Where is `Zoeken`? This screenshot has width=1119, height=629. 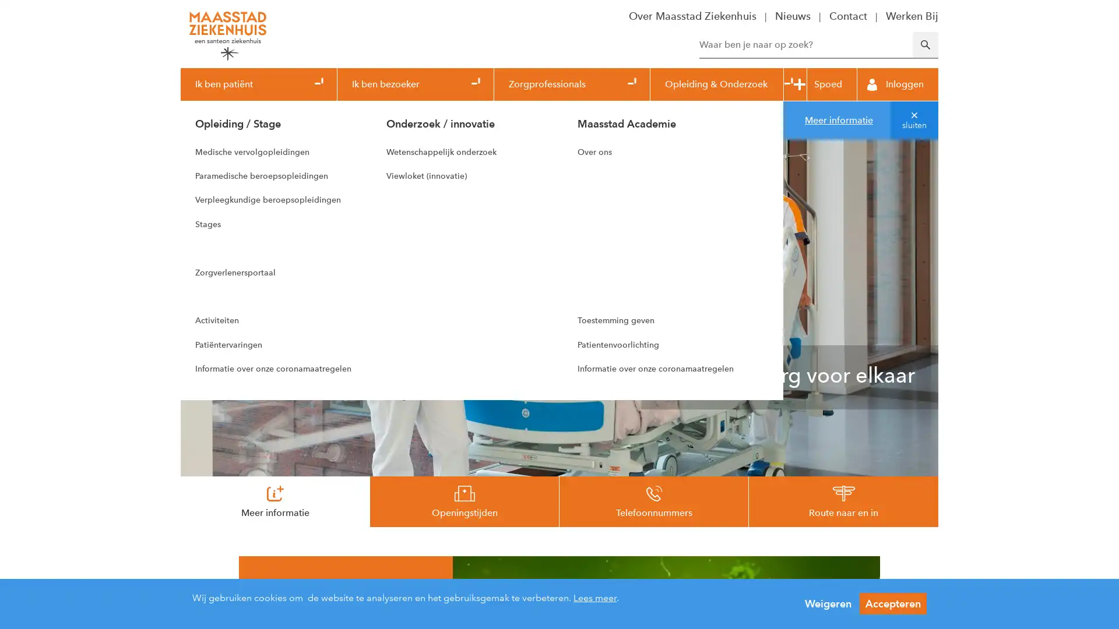 Zoeken is located at coordinates (925, 44).